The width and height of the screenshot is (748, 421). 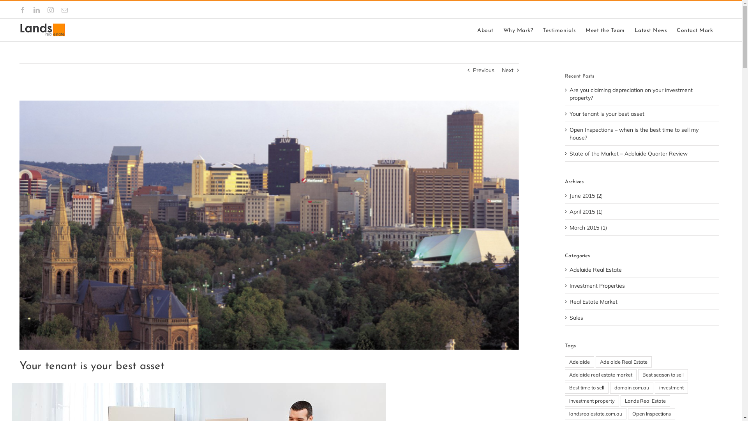 What do you see at coordinates (624, 362) in the screenshot?
I see `'Adelaide Real Estate'` at bounding box center [624, 362].